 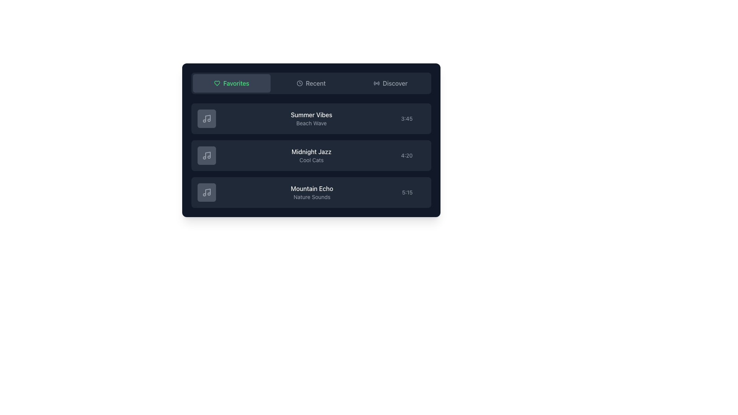 I want to click on title text of the music item which is displayed as a label above the subtitle 'Cool Cats' in the second item of the vertical list, so click(x=311, y=151).